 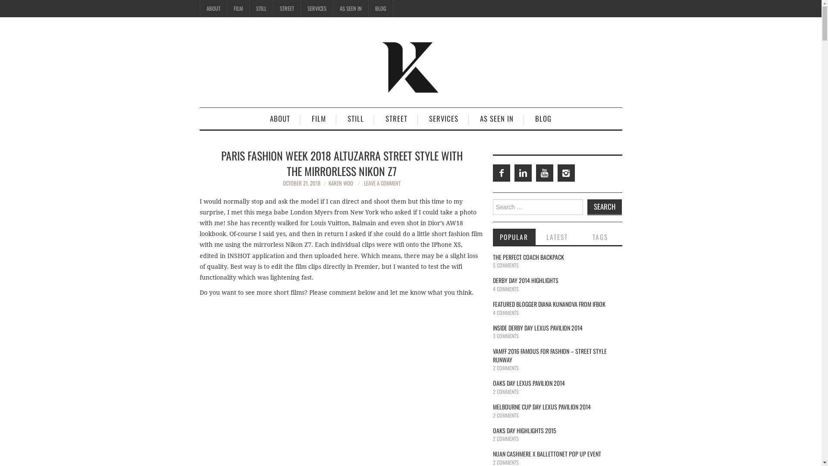 What do you see at coordinates (280, 118) in the screenshot?
I see `'ABOUT'` at bounding box center [280, 118].